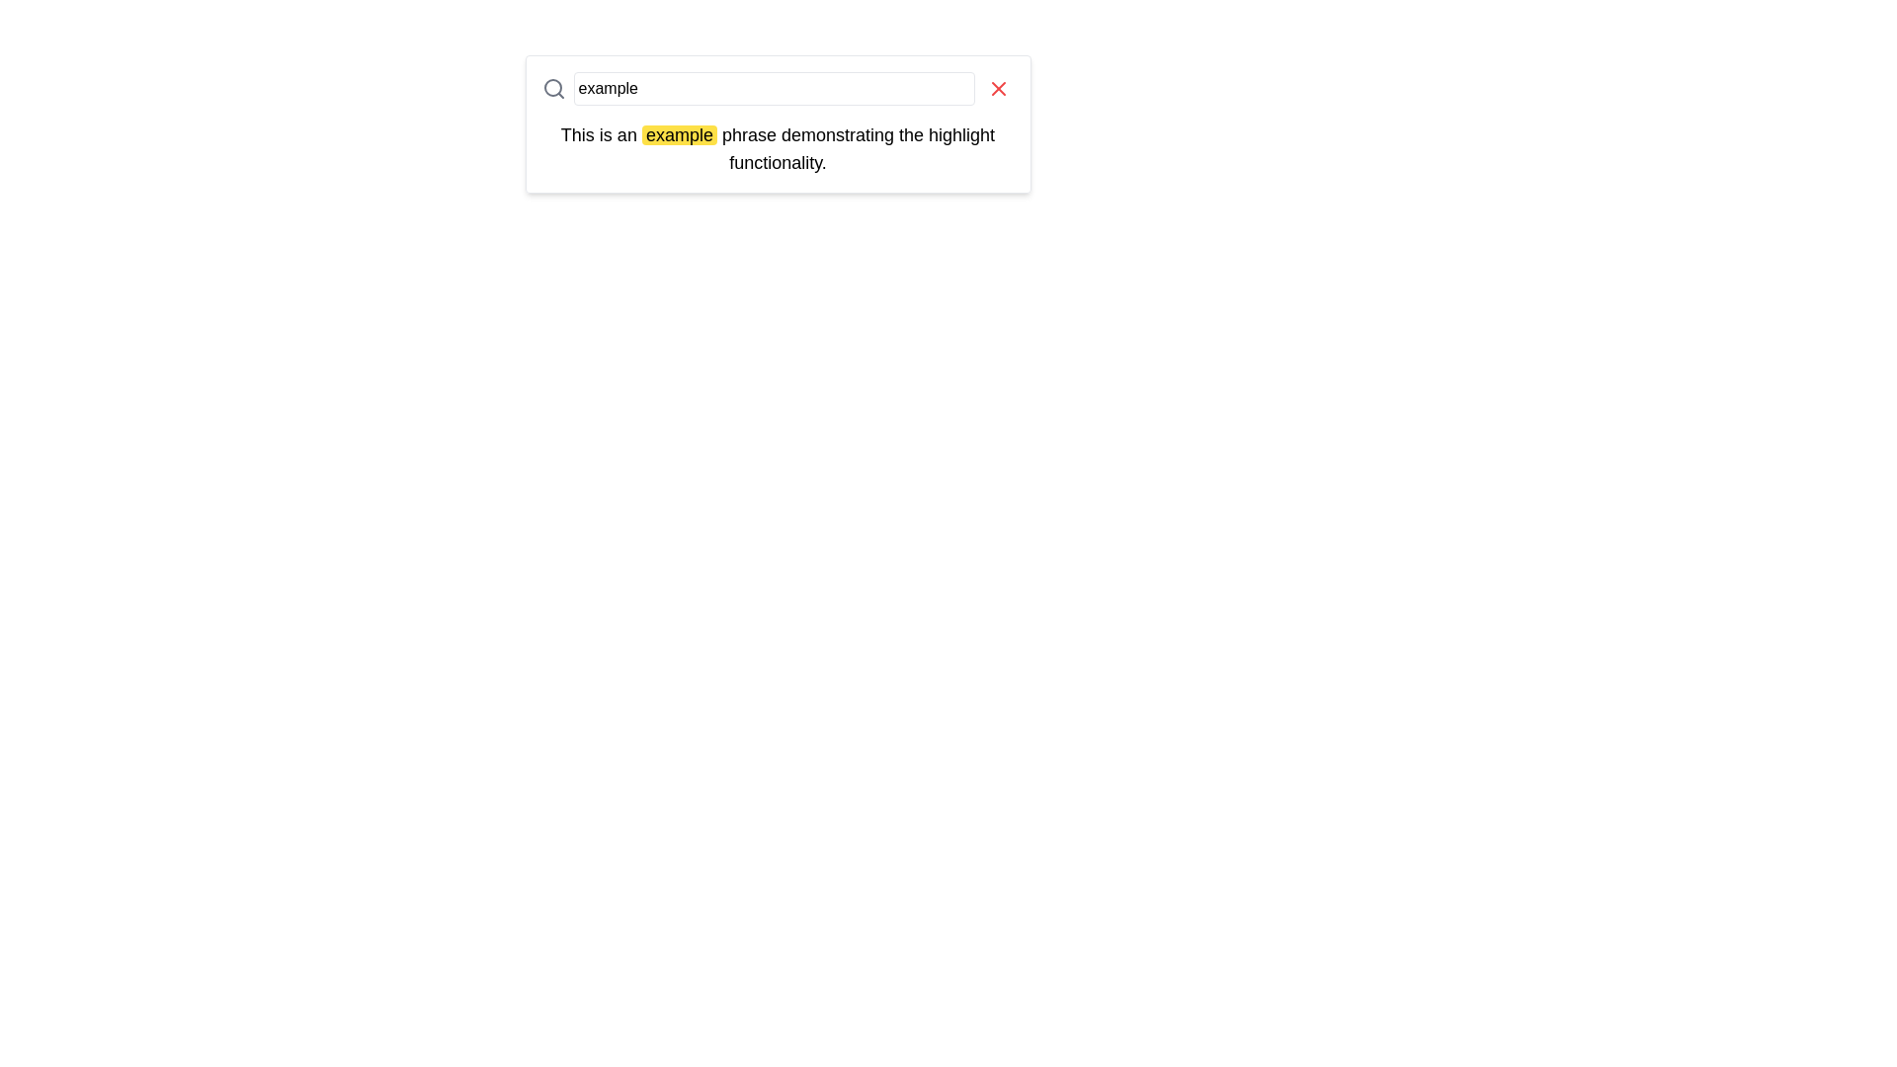 The width and height of the screenshot is (1897, 1067). I want to click on the red cross icon in the upper-right corner of the search bar to clear or dismiss the input, so click(998, 87).